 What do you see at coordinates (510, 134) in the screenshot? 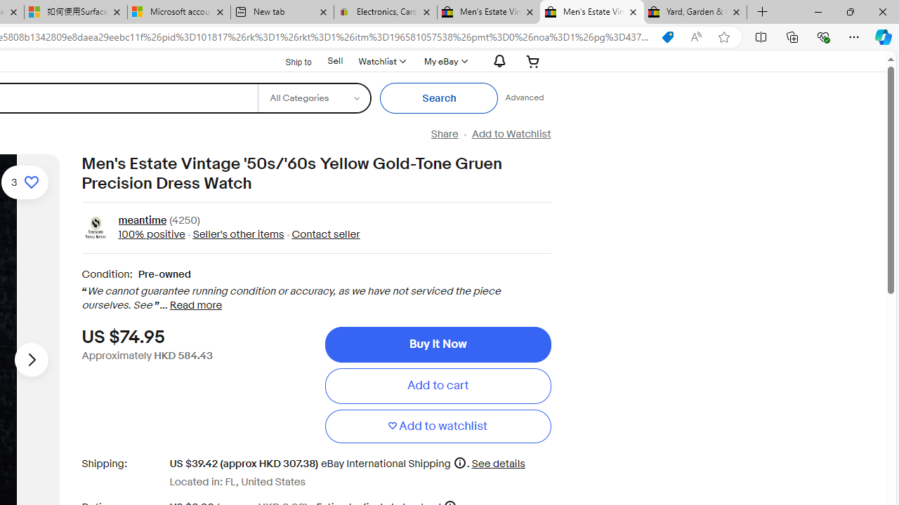
I see `'Add to Watchlist'` at bounding box center [510, 134].